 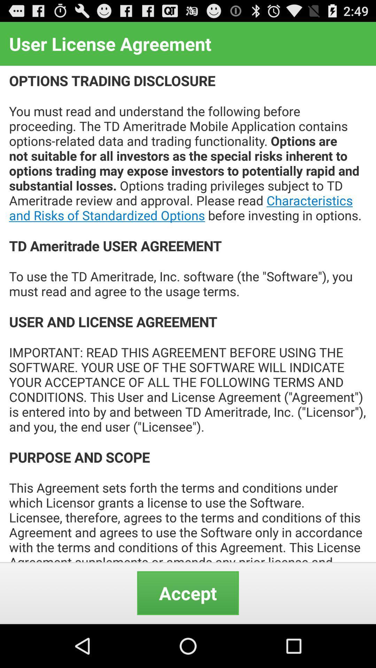 What do you see at coordinates (188, 313) in the screenshot?
I see `the item at the center` at bounding box center [188, 313].